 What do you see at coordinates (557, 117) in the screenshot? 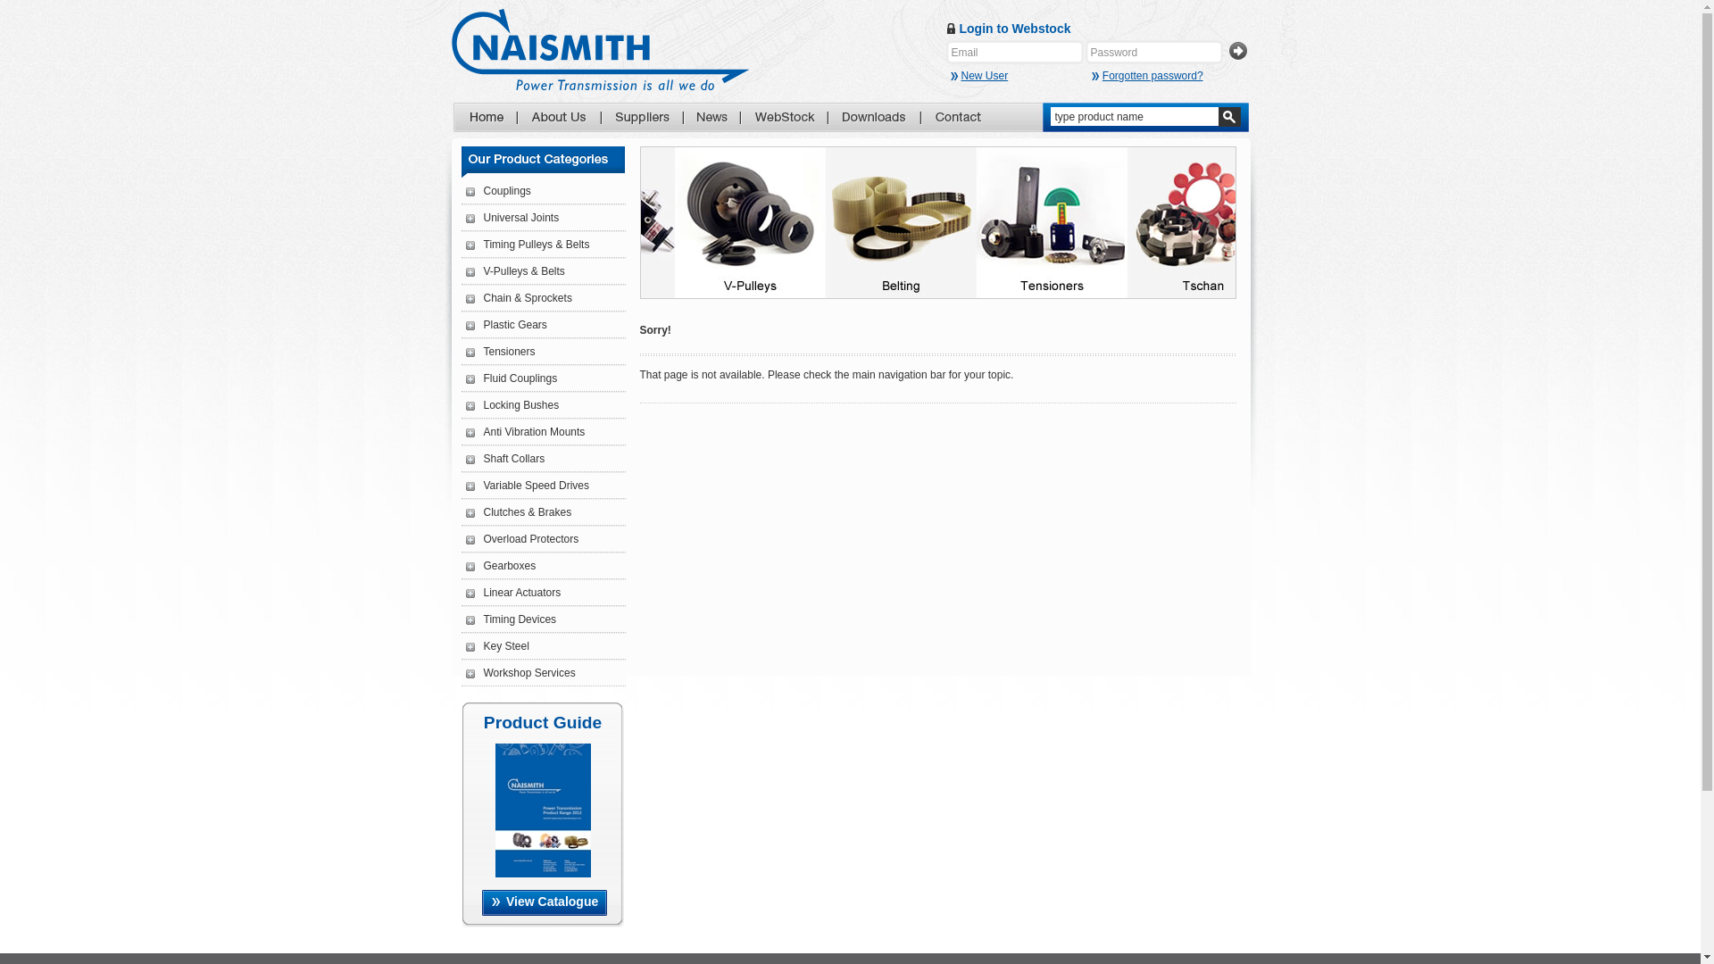
I see `'About us'` at bounding box center [557, 117].